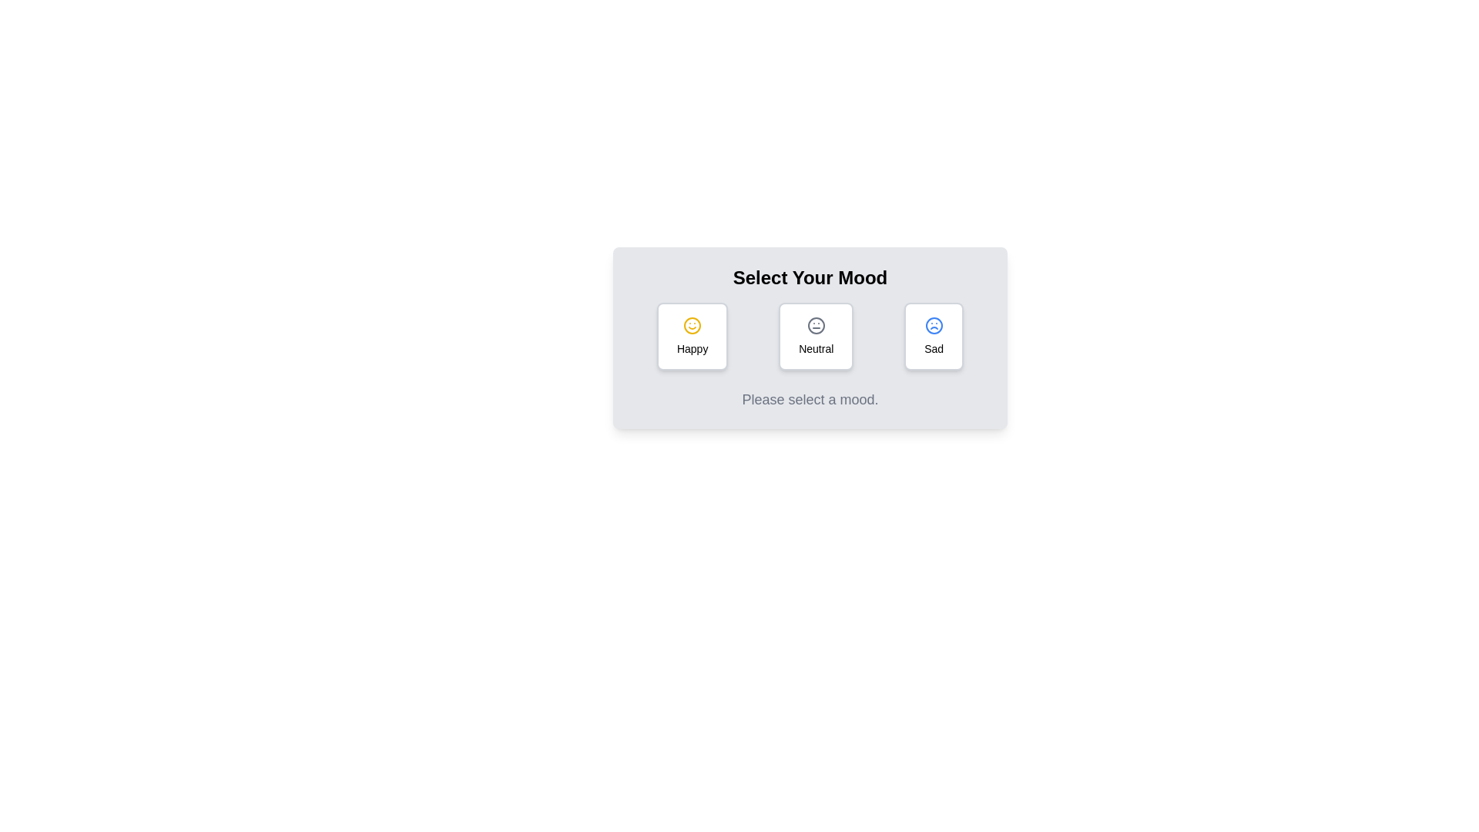 This screenshot has width=1479, height=832. What do you see at coordinates (692, 335) in the screenshot?
I see `the 'Happy' button, which is the first among three adjacent buttons labeled 'Happy', 'Neutral', and 'Sad', to indicate a positive emotional choice` at bounding box center [692, 335].